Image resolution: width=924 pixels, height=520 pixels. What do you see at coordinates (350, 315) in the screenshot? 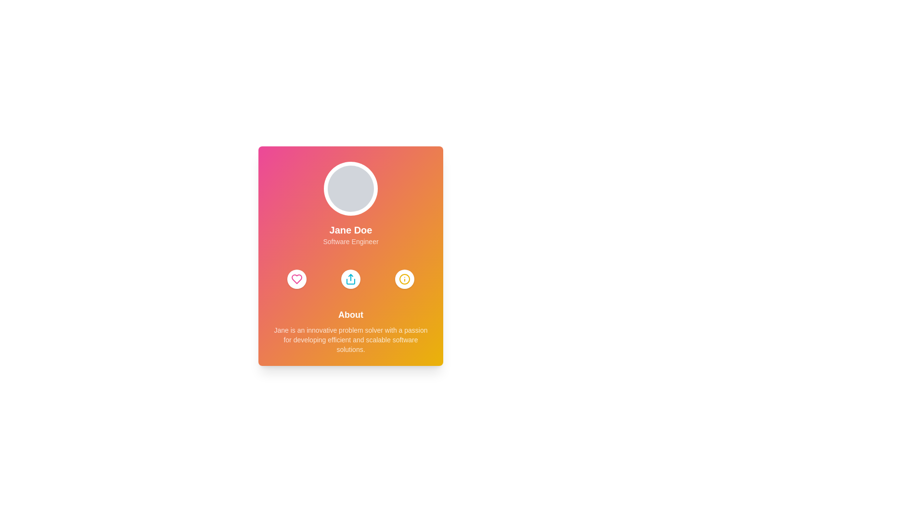
I see `the header text element located centrally at the lower section of a card layout, which provides context for the content that follows` at bounding box center [350, 315].